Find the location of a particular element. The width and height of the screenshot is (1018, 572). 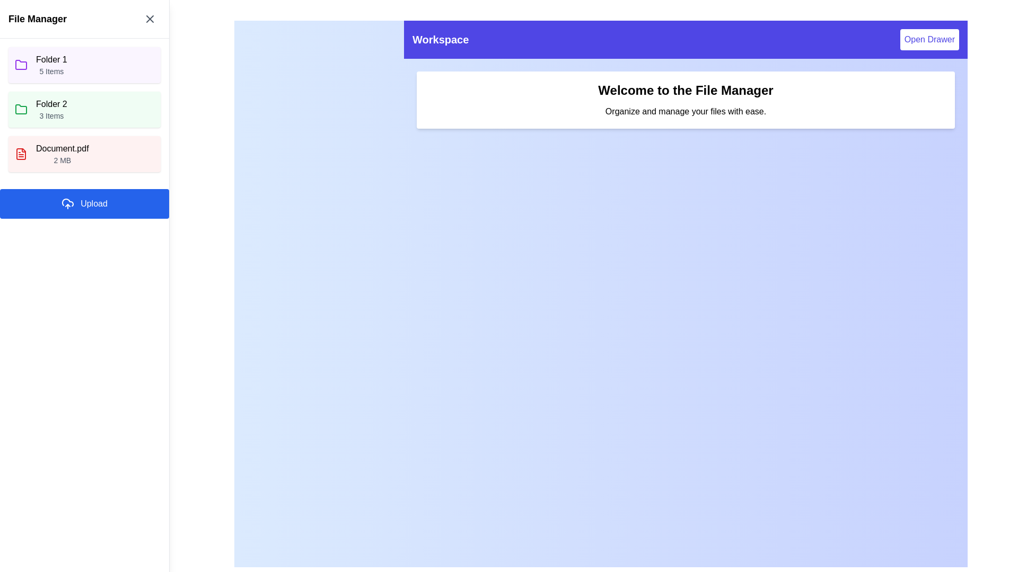

the third file entry is located at coordinates (84, 154).